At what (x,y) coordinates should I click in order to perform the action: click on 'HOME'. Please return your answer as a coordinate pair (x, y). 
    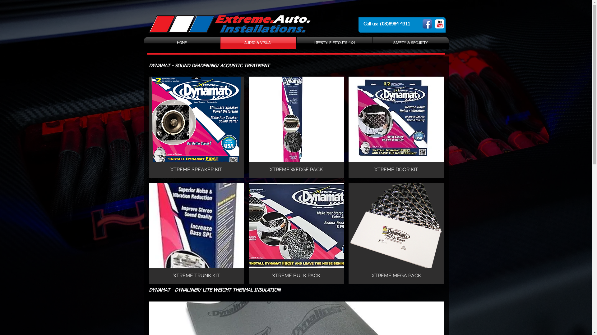
    Looking at the image, I should click on (181, 43).